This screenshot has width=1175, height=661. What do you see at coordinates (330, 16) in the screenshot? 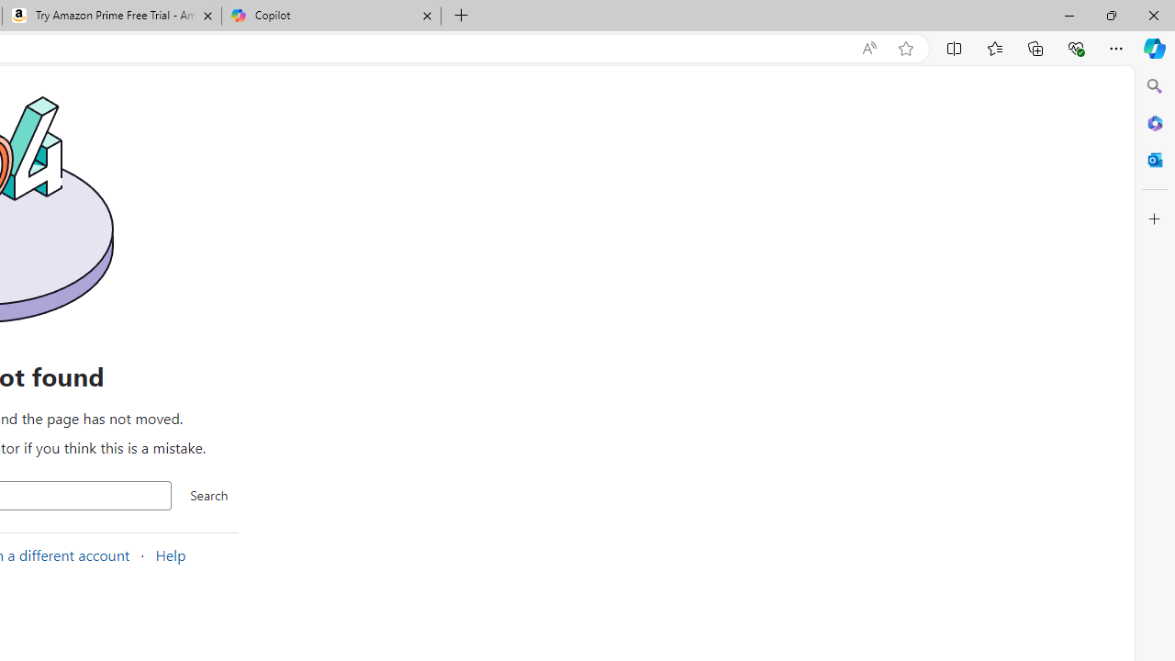
I see `'Copilot'` at bounding box center [330, 16].